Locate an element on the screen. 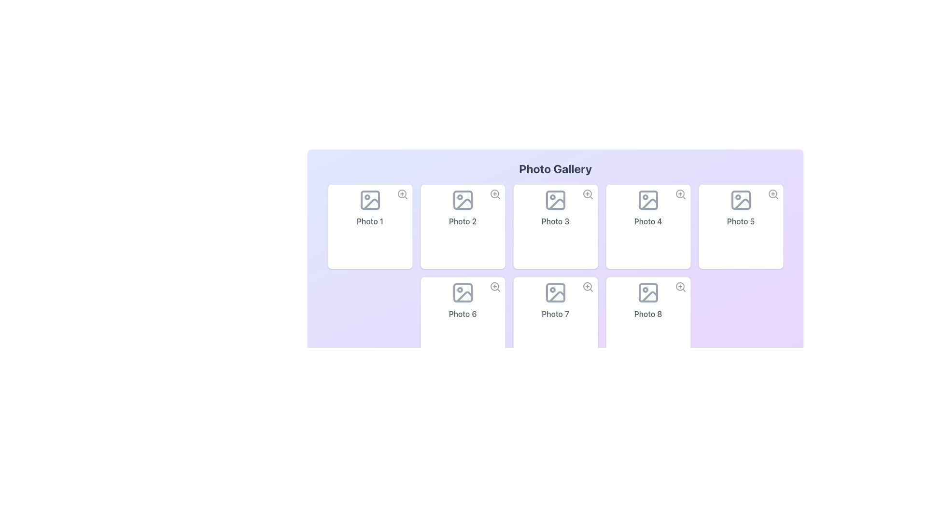 The height and width of the screenshot is (521, 927). the zoom-in icon resembling a magnifying glass with a plus sign inside, located in the top-right corner of the 'Photo 8' card in the photo gallery layout is located at coordinates (680, 286).